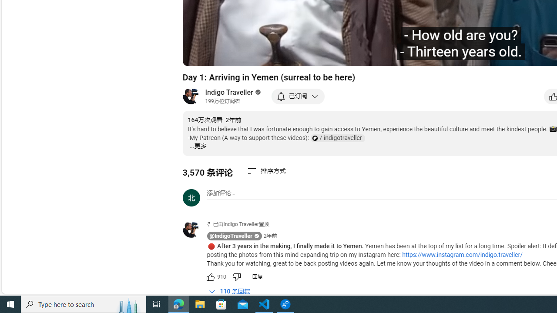 The width and height of the screenshot is (557, 313). What do you see at coordinates (221, 193) in the screenshot?
I see `'AutomationID: simplebox-placeholder'` at bounding box center [221, 193].